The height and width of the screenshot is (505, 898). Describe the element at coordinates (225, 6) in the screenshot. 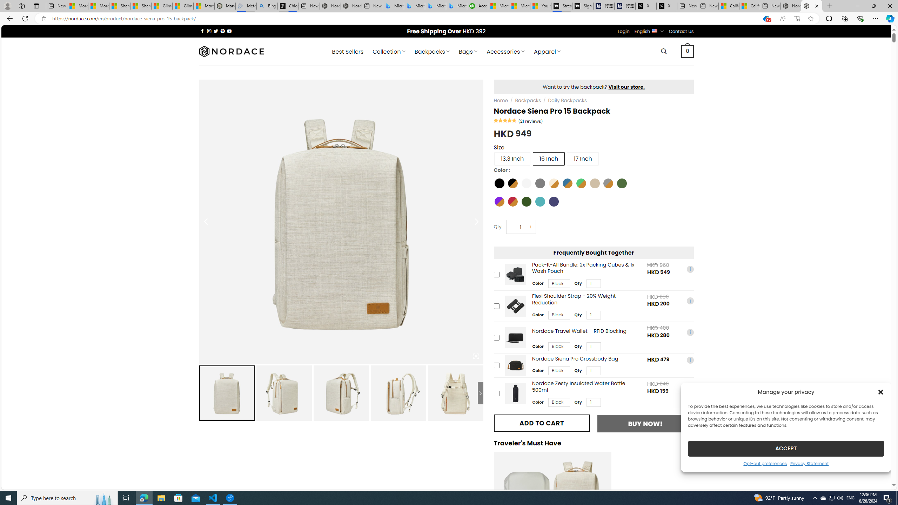

I see `'Manatee Mortality Statistics | FWC'` at that location.